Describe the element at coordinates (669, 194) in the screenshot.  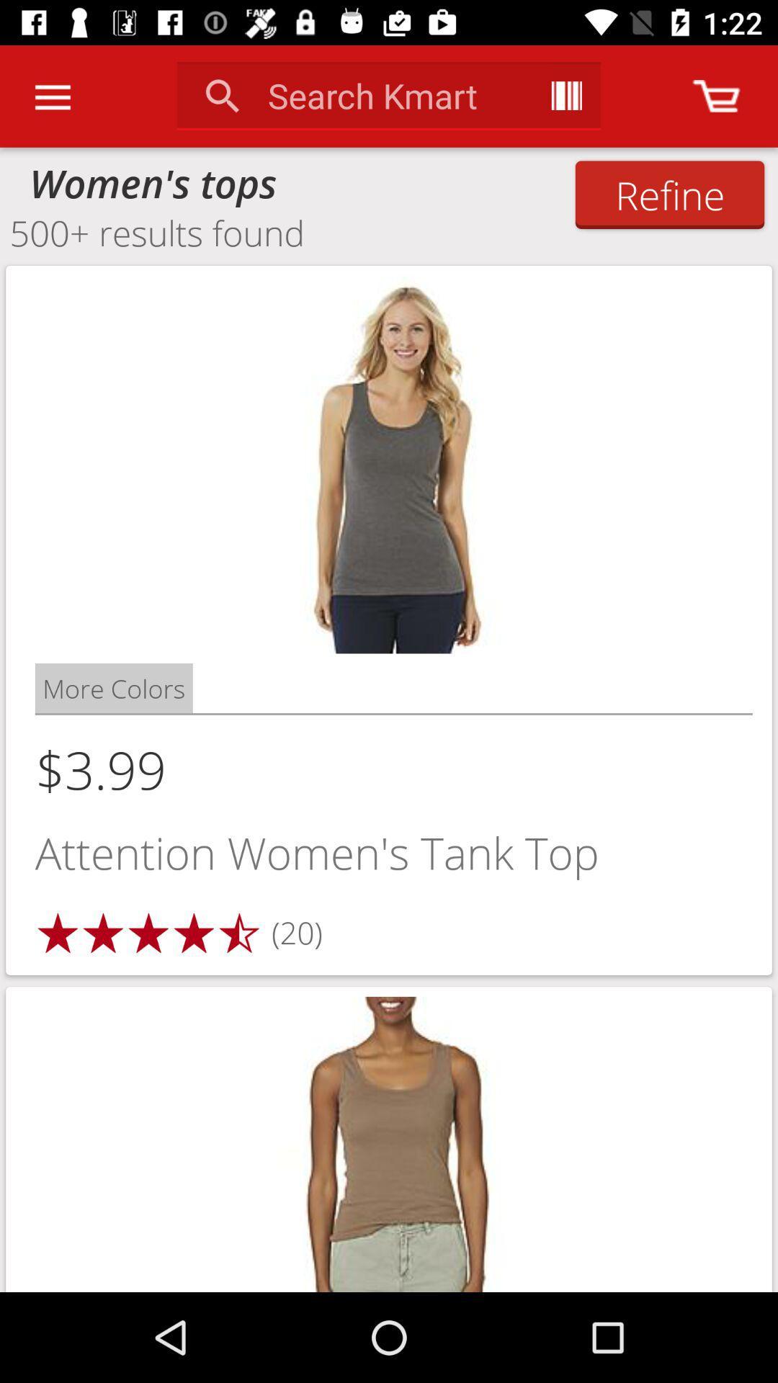
I see `icon to the right of the  women's tops` at that location.